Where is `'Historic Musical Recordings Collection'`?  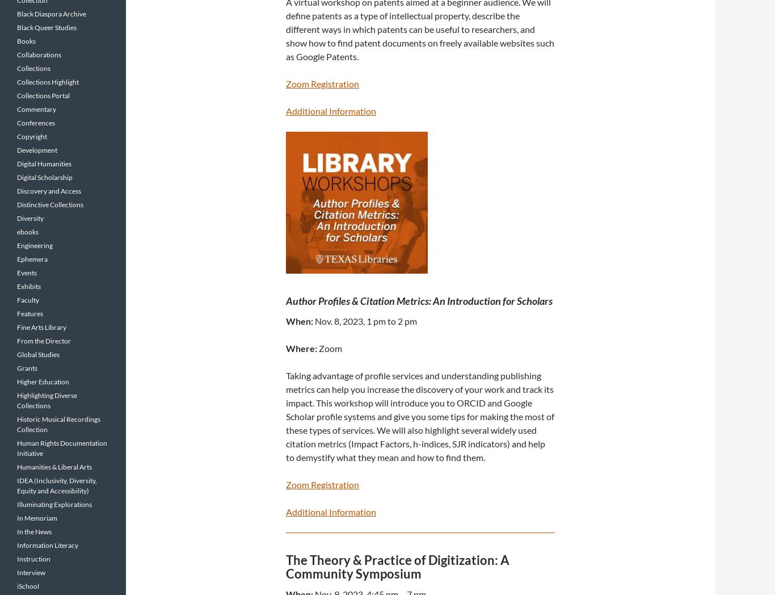 'Historic Musical Recordings Collection' is located at coordinates (58, 424).